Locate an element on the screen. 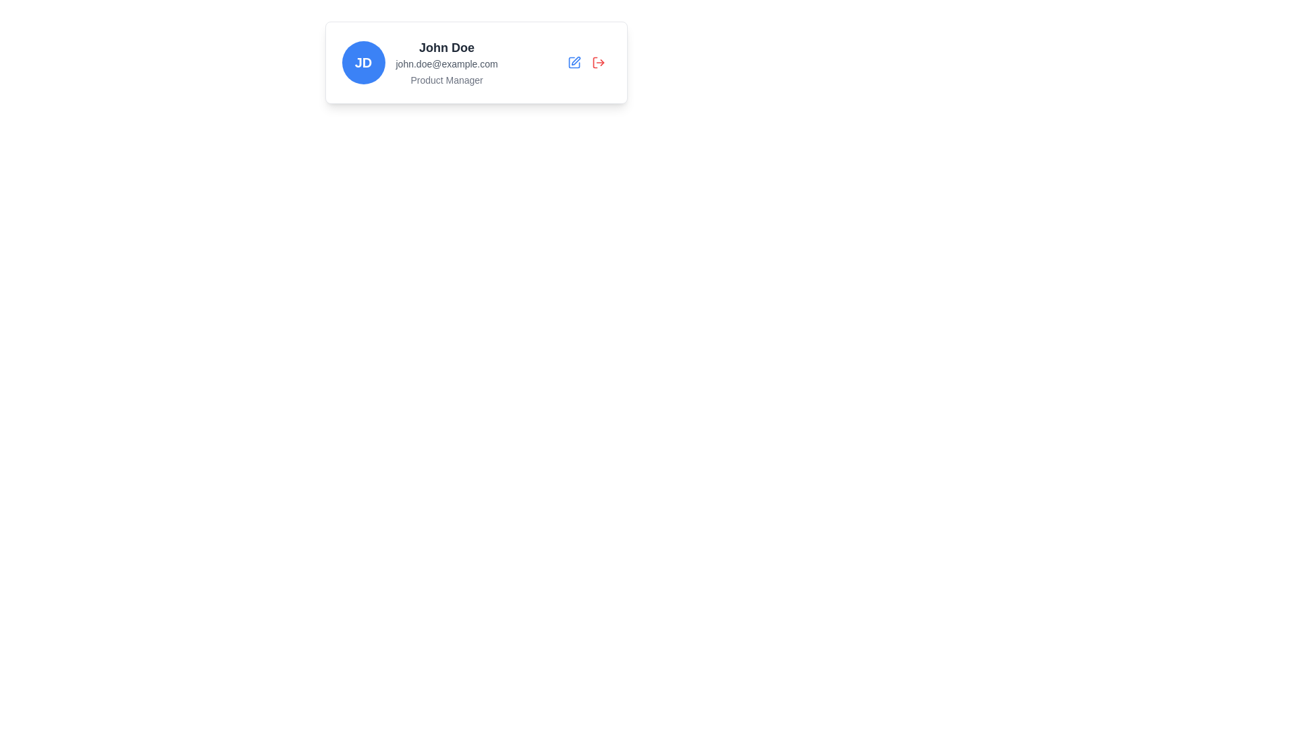  the red logout icon button located at the far-right of the interaction bar on the user information card is located at coordinates (597, 62).